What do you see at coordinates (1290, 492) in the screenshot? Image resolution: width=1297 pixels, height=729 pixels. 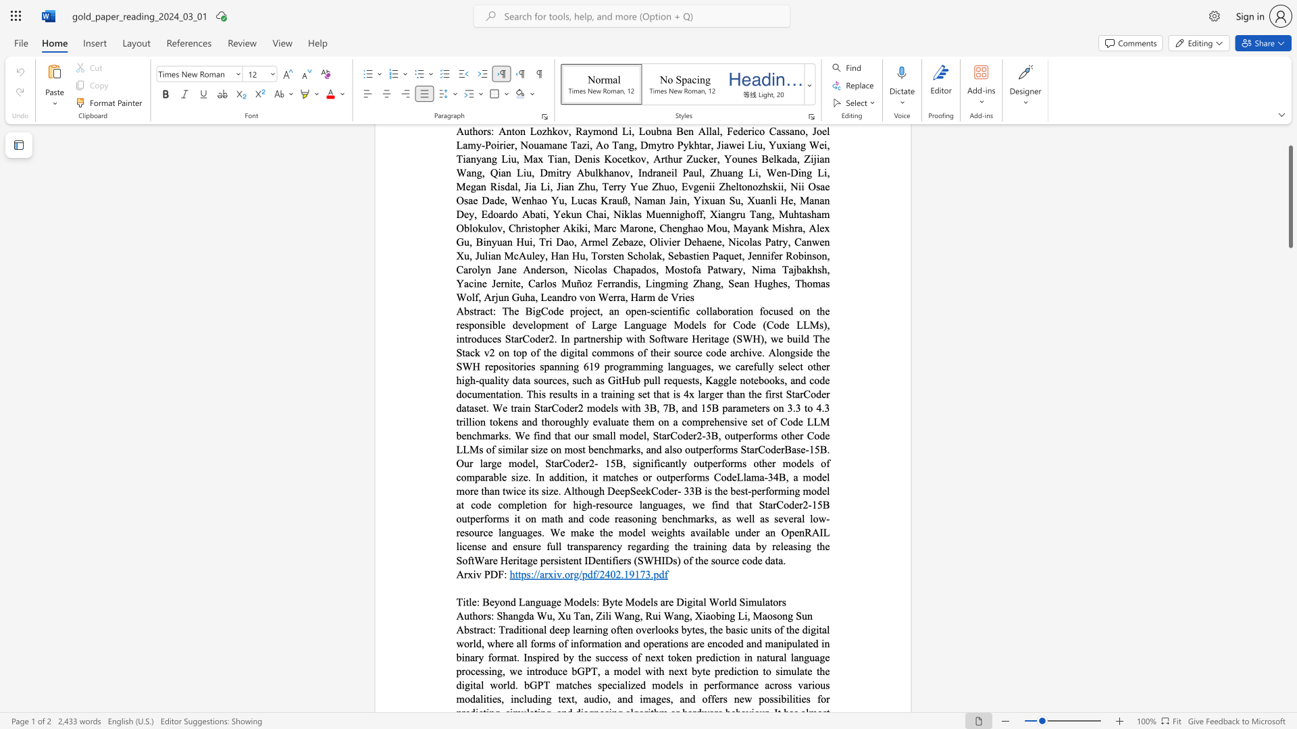 I see `the scrollbar to move the page down` at bounding box center [1290, 492].